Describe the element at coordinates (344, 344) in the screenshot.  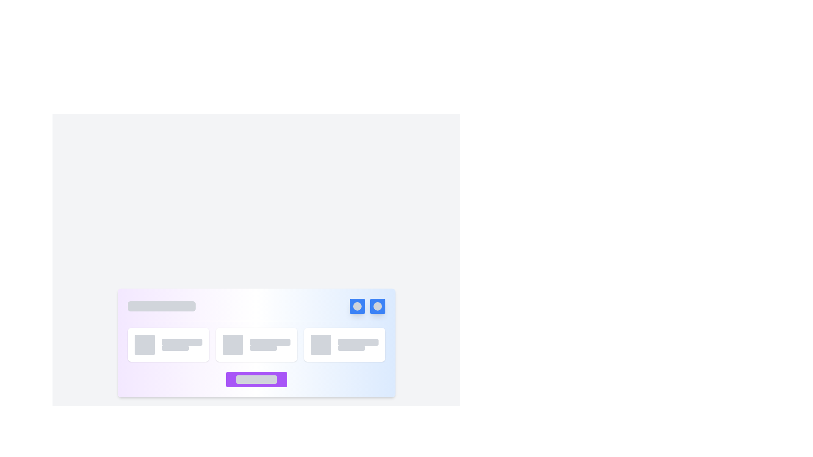
I see `the content displayed in the third card located in the bottom-right corner of the grid layout` at that location.